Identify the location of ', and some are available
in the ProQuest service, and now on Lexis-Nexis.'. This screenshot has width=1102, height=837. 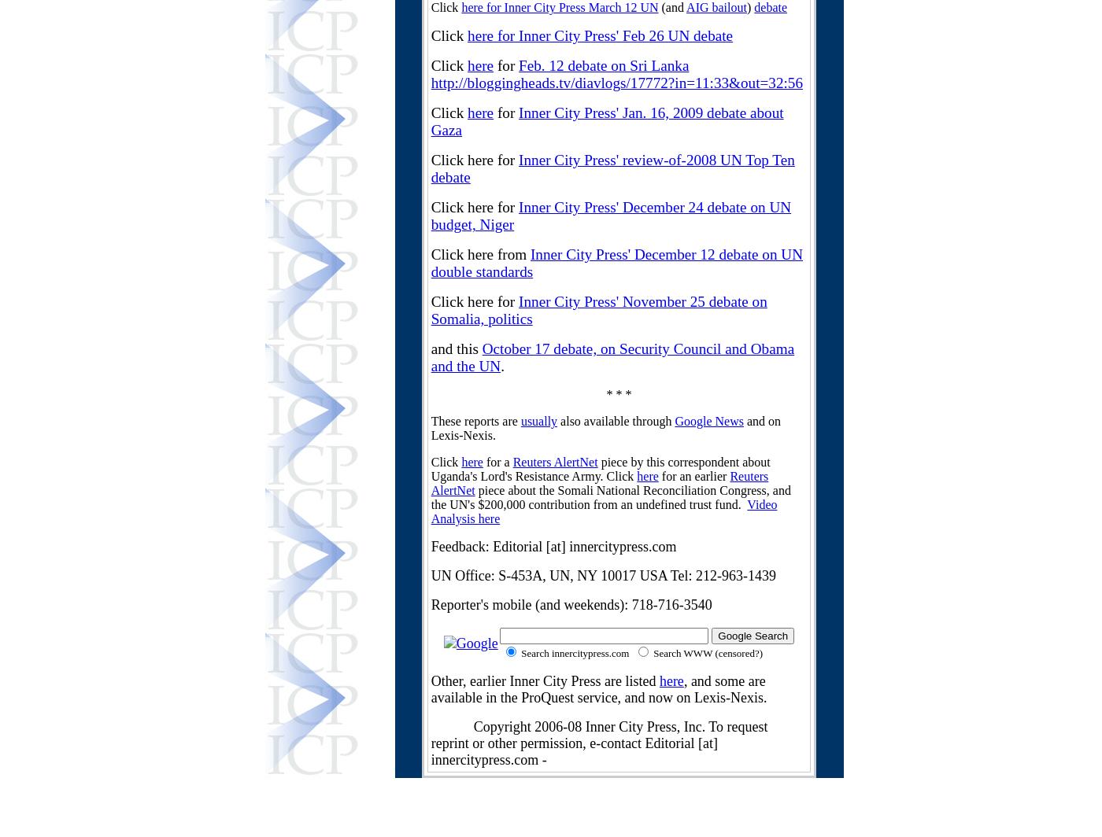
(597, 689).